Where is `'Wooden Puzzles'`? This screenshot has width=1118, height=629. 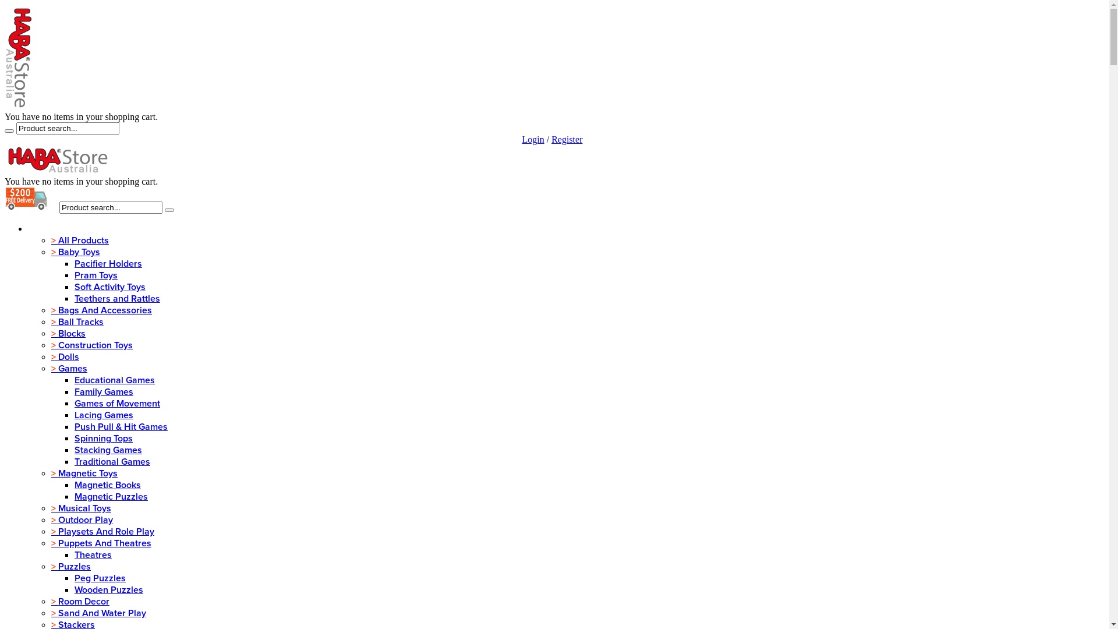
'Wooden Puzzles' is located at coordinates (74, 590).